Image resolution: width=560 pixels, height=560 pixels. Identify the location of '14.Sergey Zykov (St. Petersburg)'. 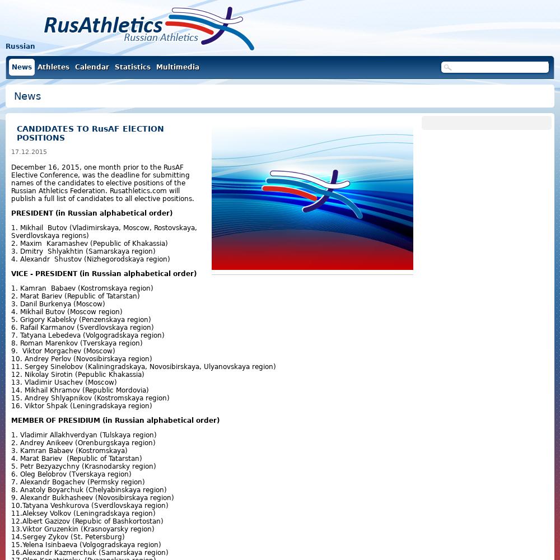
(11, 536).